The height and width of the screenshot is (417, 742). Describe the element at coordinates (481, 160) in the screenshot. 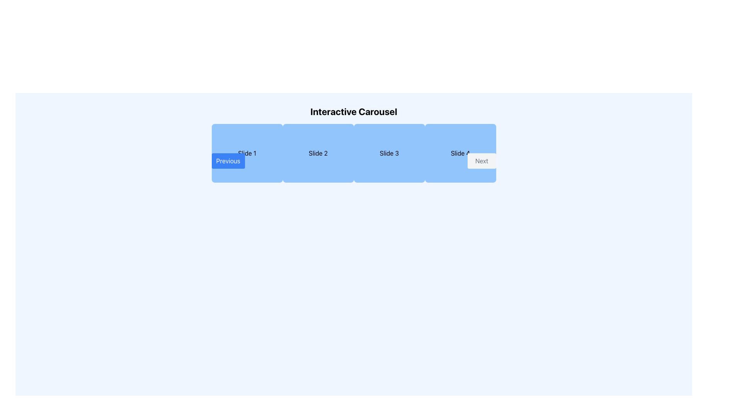

I see `the navigation button located on the far right of the carousel, adjacent to the 'Slide 4' text` at that location.